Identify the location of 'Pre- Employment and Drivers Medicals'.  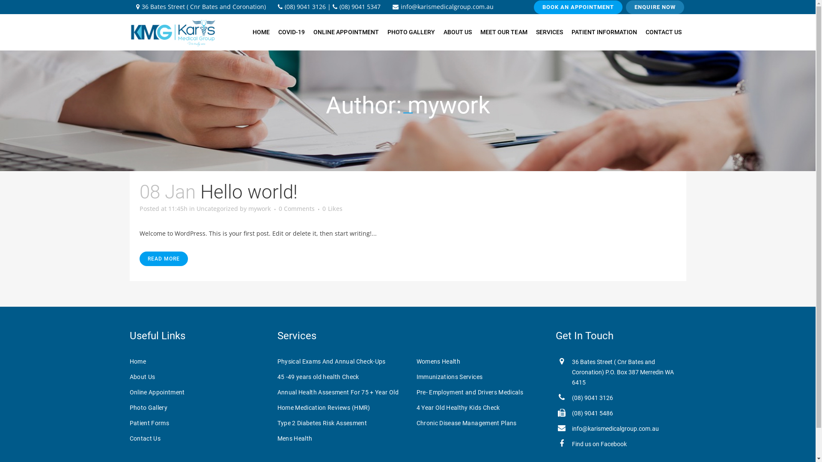
(480, 392).